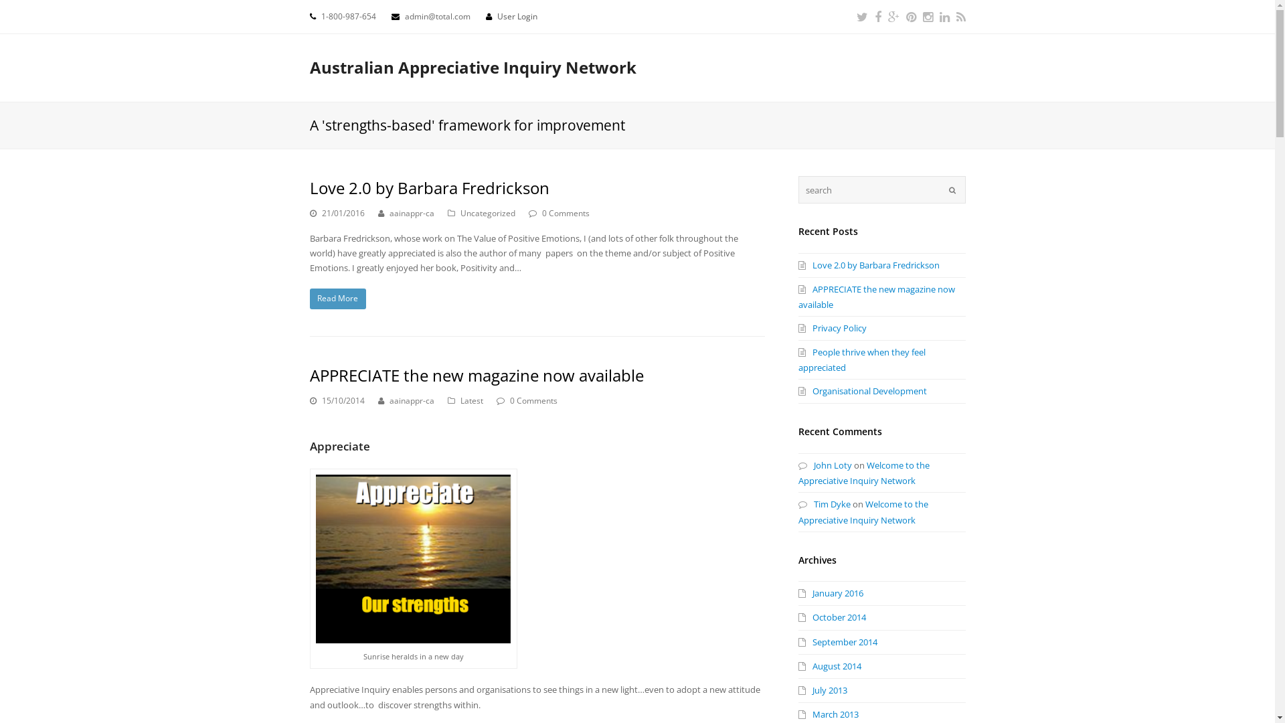 This screenshot has width=1285, height=723. What do you see at coordinates (862, 16) in the screenshot?
I see `'Twitter'` at bounding box center [862, 16].